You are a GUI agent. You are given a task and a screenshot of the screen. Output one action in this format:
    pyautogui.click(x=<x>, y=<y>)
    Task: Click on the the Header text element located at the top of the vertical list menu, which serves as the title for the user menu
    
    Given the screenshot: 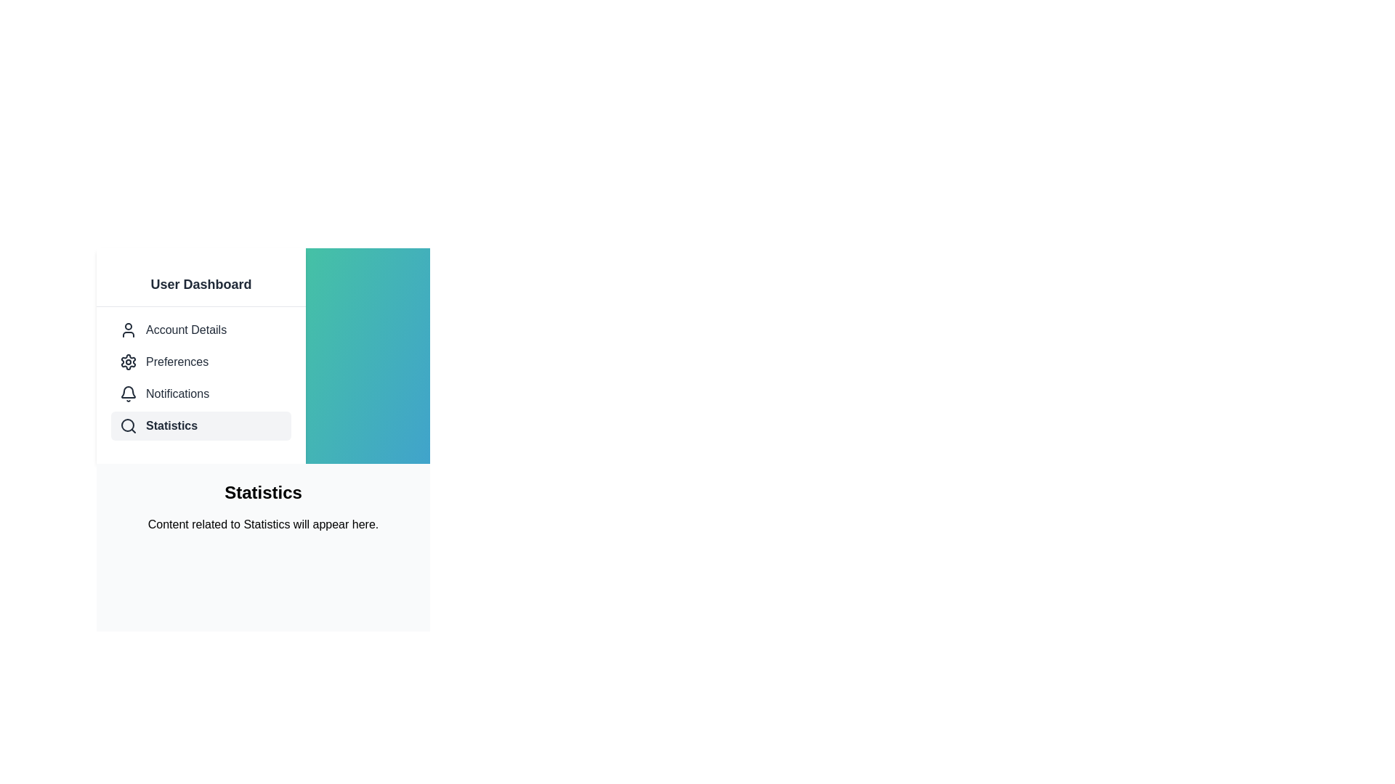 What is the action you would take?
    pyautogui.click(x=201, y=285)
    